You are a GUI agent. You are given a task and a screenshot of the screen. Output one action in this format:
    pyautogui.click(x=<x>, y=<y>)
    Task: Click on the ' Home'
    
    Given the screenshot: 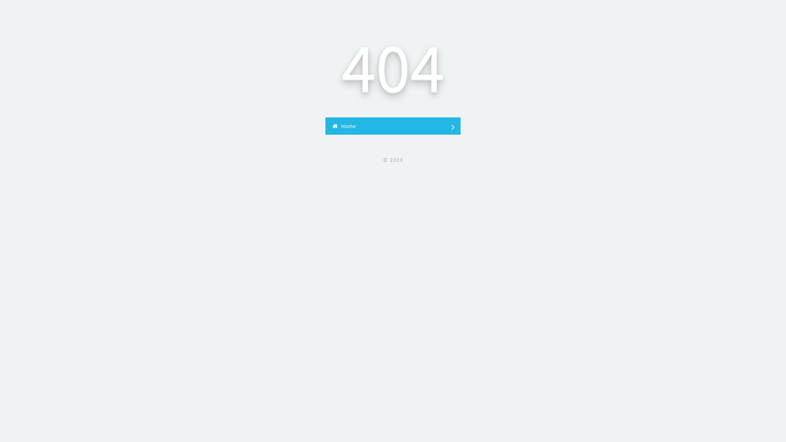 What is the action you would take?
    pyautogui.click(x=393, y=126)
    